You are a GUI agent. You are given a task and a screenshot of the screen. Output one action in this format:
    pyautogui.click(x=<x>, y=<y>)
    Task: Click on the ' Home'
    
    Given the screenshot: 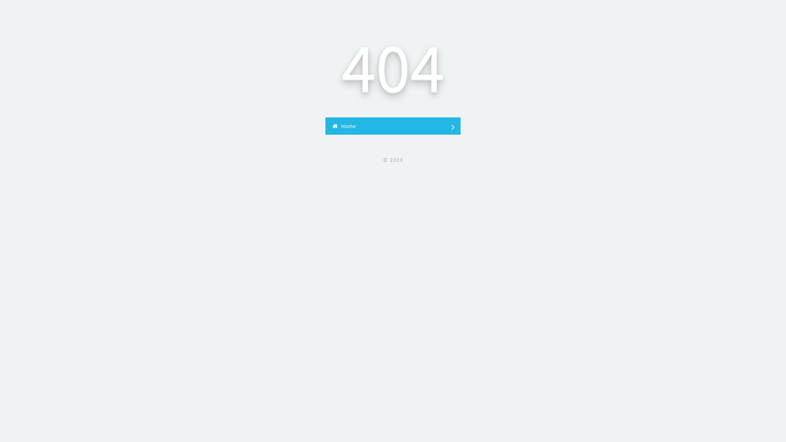 What is the action you would take?
    pyautogui.click(x=393, y=126)
    